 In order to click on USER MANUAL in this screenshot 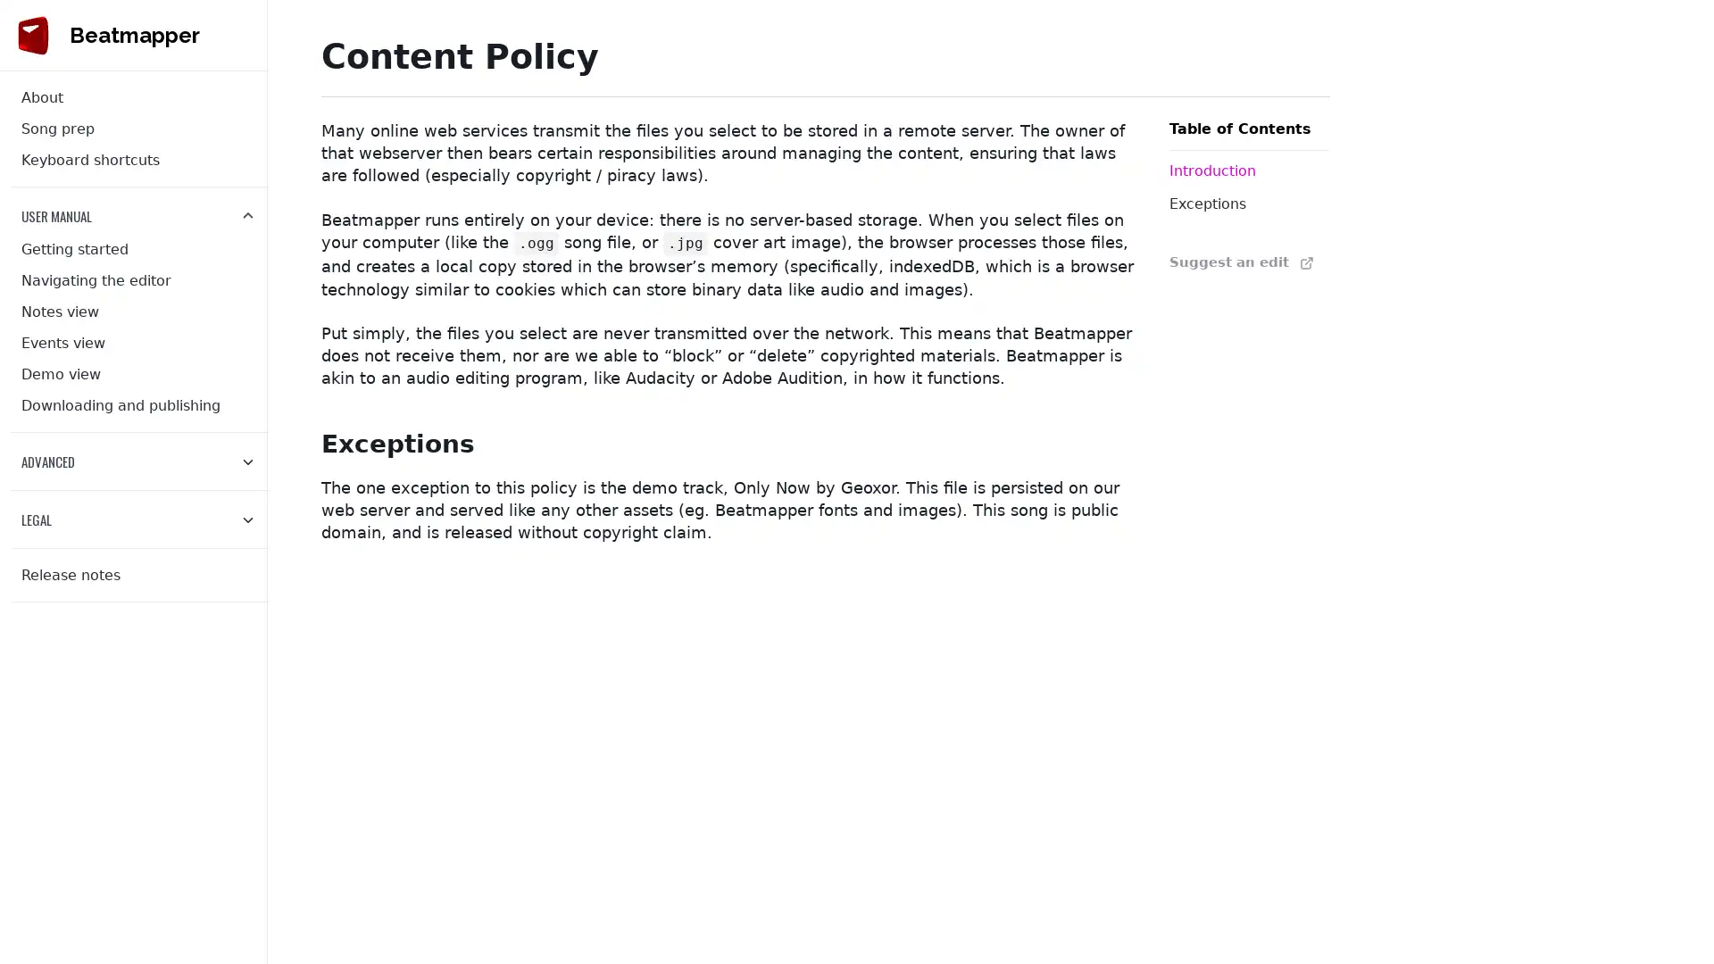, I will do `click(137, 215)`.